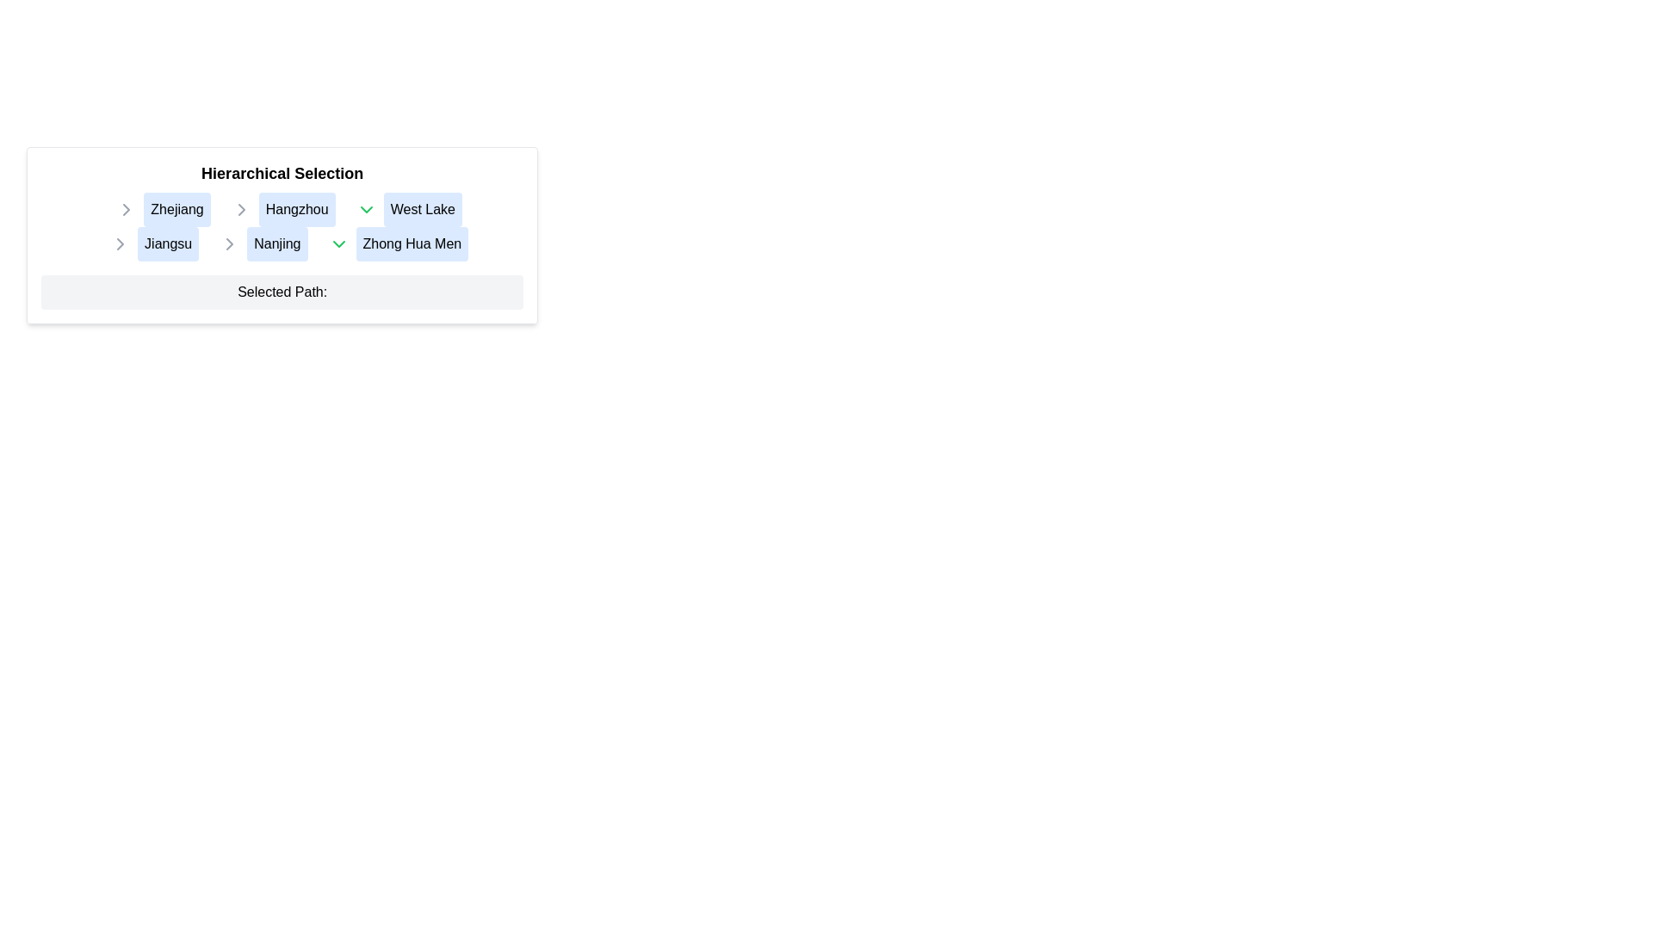 This screenshot has height=929, width=1653. I want to click on the label element displaying 'Nanjing Zhong Hua Men', so click(337, 244).